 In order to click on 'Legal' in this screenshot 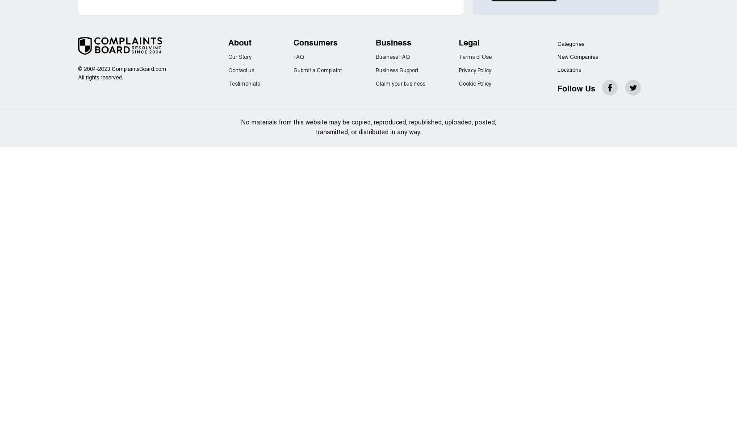, I will do `click(469, 43)`.